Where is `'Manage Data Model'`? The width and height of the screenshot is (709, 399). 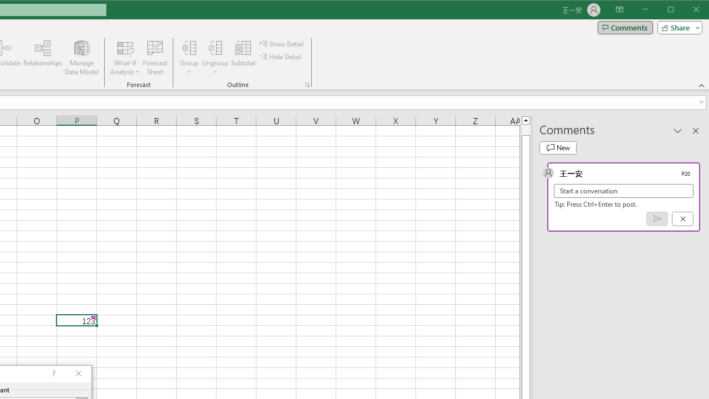 'Manage Data Model' is located at coordinates (81, 58).